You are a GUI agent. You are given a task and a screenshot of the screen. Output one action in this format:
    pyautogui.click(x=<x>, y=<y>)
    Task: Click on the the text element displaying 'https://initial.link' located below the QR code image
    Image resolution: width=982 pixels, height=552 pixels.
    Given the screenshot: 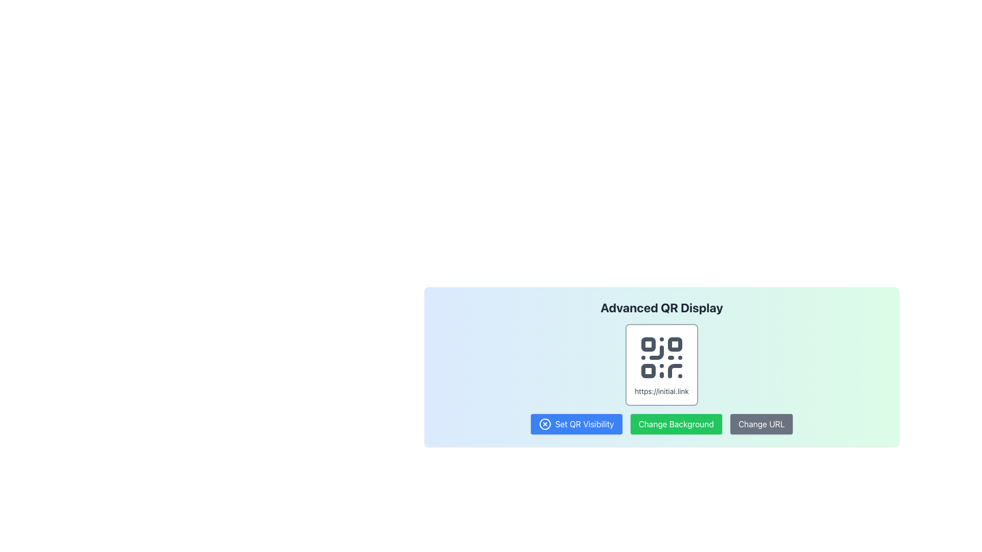 What is the action you would take?
    pyautogui.click(x=662, y=391)
    